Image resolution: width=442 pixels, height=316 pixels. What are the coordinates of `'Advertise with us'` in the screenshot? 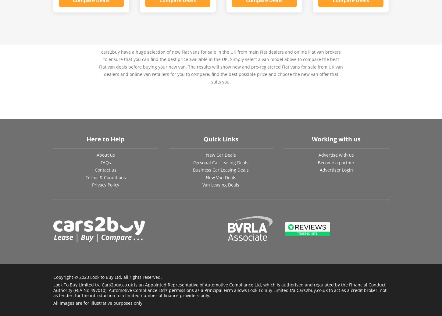 It's located at (336, 154).